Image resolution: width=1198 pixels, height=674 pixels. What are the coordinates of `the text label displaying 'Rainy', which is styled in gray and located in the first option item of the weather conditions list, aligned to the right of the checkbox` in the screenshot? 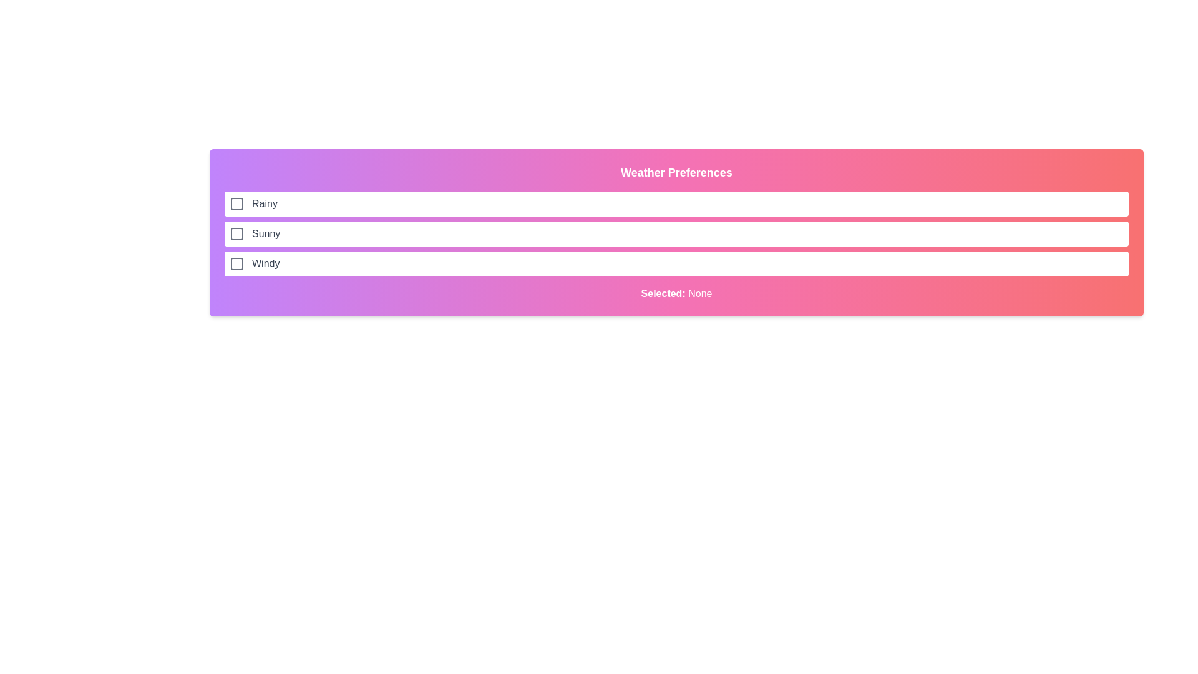 It's located at (264, 203).